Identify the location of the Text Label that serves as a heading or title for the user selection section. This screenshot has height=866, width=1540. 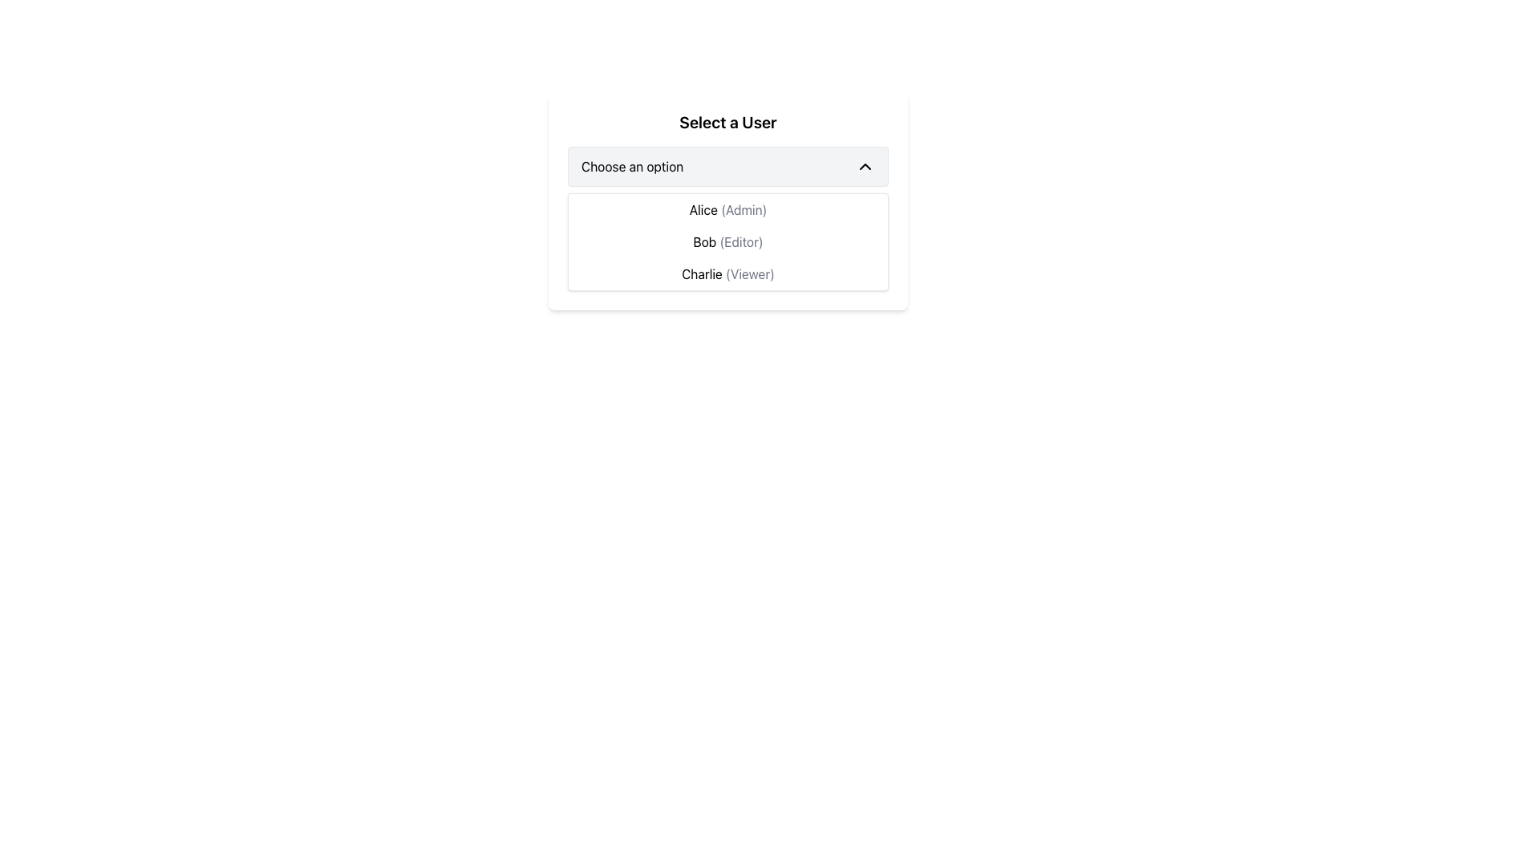
(727, 122).